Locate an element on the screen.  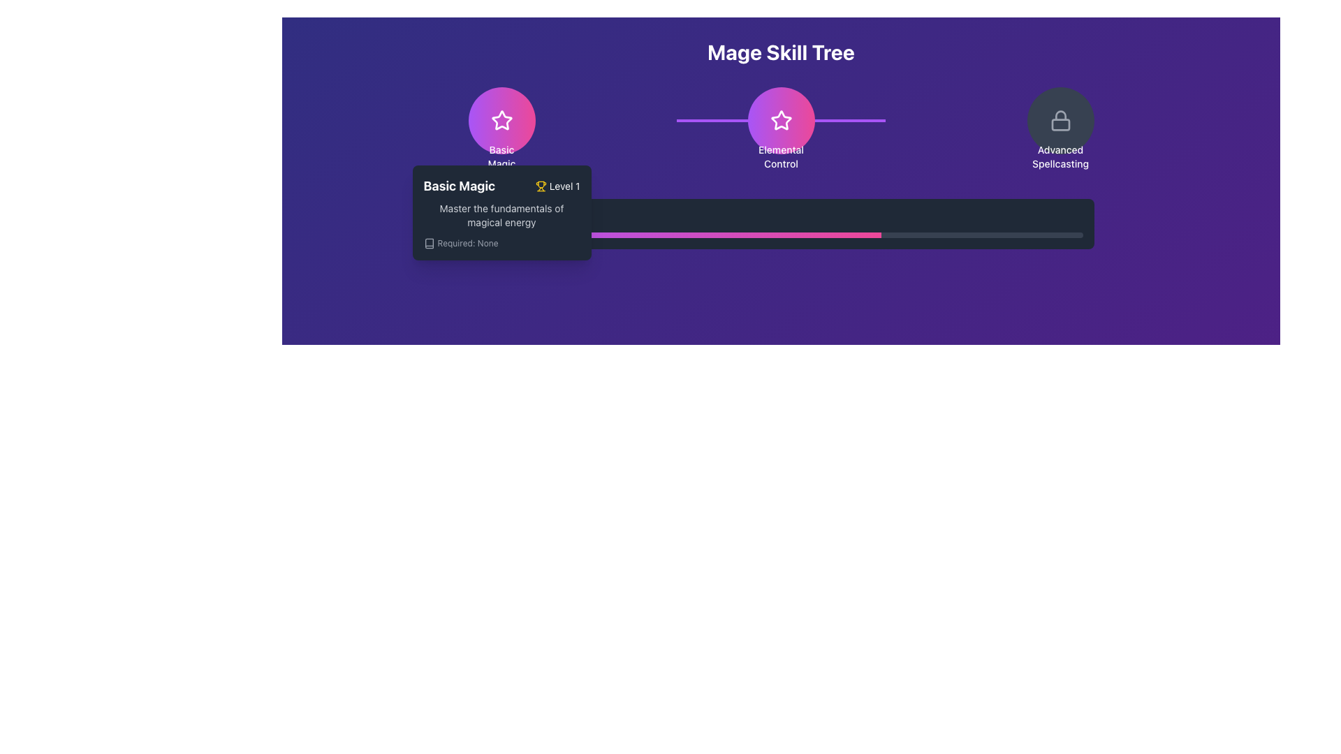
the star-shaped icon with a pink-to-purple gradient fill located in the 'Elemental Control' section of the 'Mage Skill Tree' interface to interact or select the skill is located at coordinates (780, 119).